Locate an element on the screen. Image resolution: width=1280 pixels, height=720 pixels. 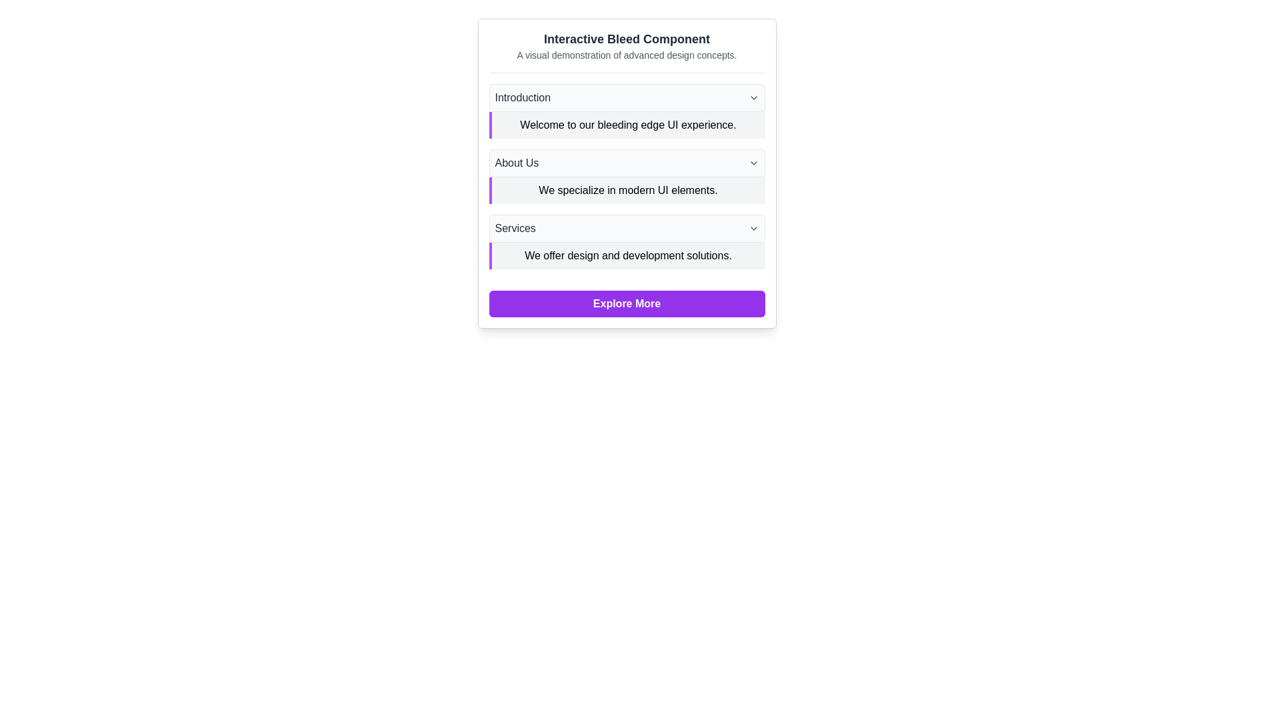
the textual content component that provides the description 'We specialize in modern UI elements' within the 'About Us' section is located at coordinates (626, 176).